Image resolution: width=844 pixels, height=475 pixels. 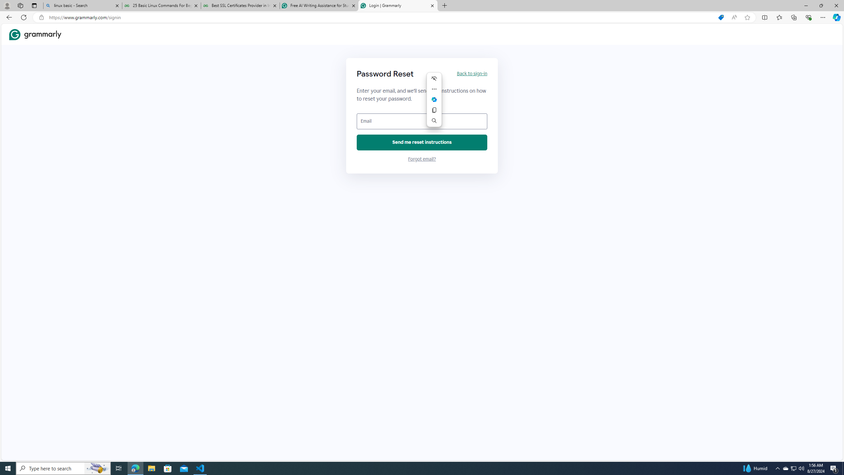 What do you see at coordinates (35, 34) in the screenshot?
I see `'Grammarly Home'` at bounding box center [35, 34].